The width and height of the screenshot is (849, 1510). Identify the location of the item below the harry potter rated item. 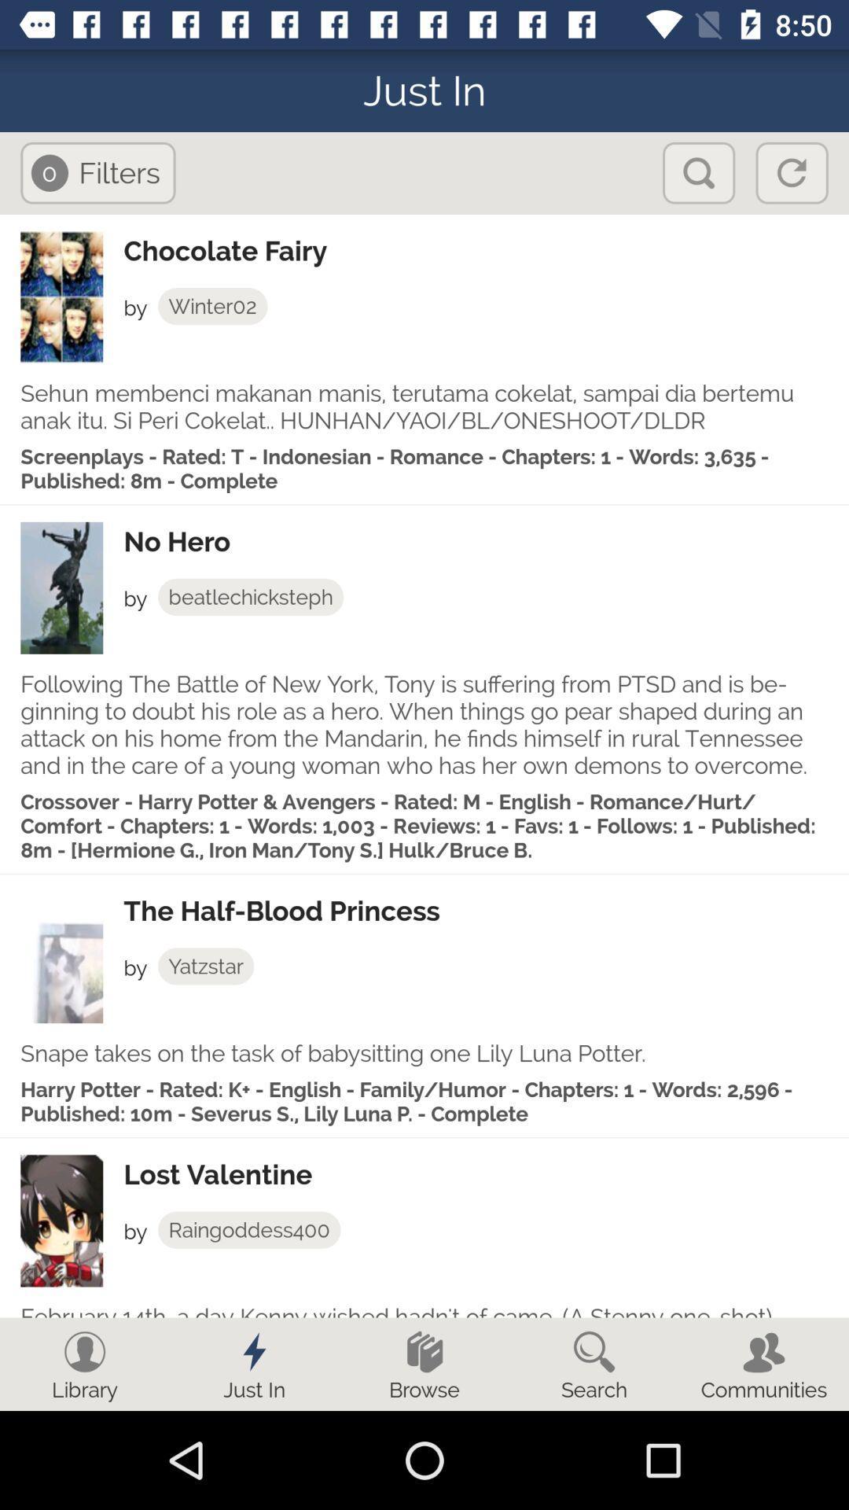
(485, 1174).